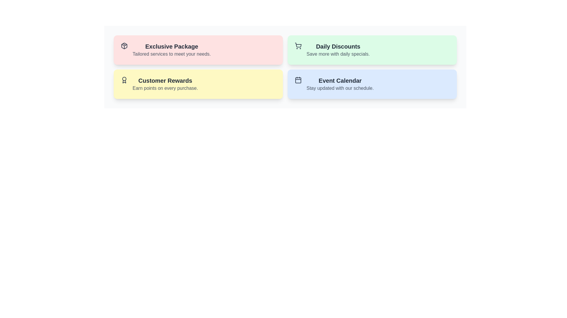 Image resolution: width=567 pixels, height=318 pixels. I want to click on text displayed in gray color that says 'Save more with daily specials.' located under the heading 'Daily Discounts' in the top-right section of the interface, so click(338, 54).